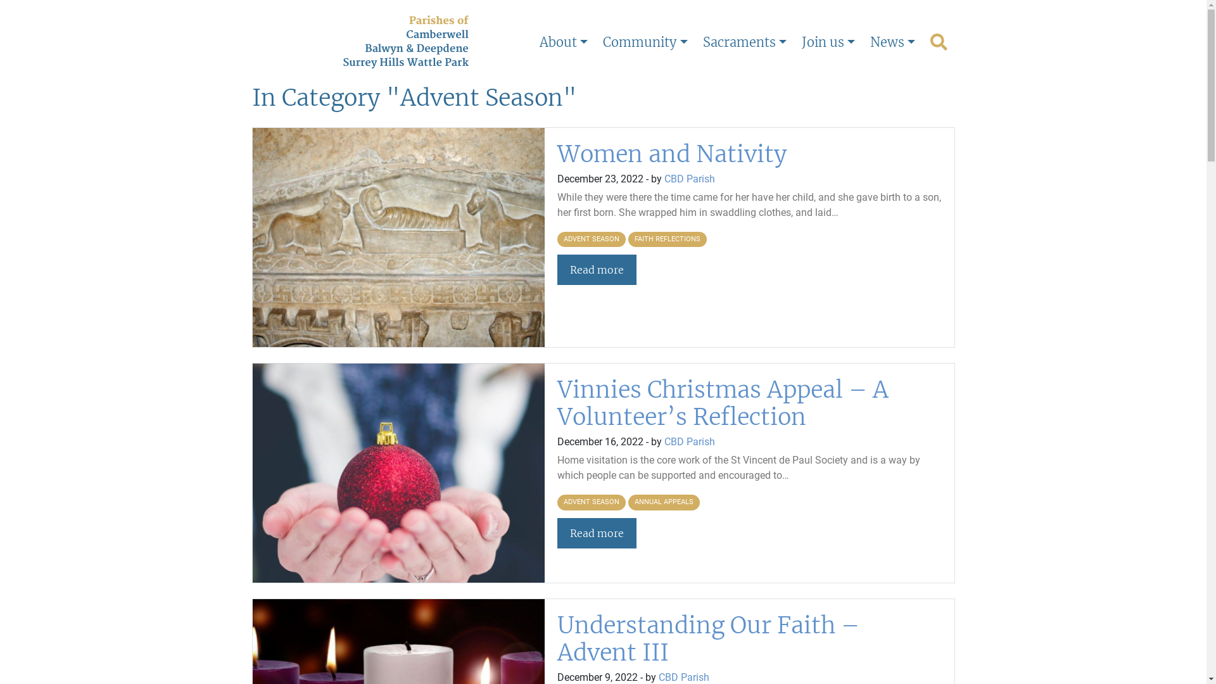 This screenshot has height=684, width=1216. I want to click on 'CBD Parish', so click(664, 441).